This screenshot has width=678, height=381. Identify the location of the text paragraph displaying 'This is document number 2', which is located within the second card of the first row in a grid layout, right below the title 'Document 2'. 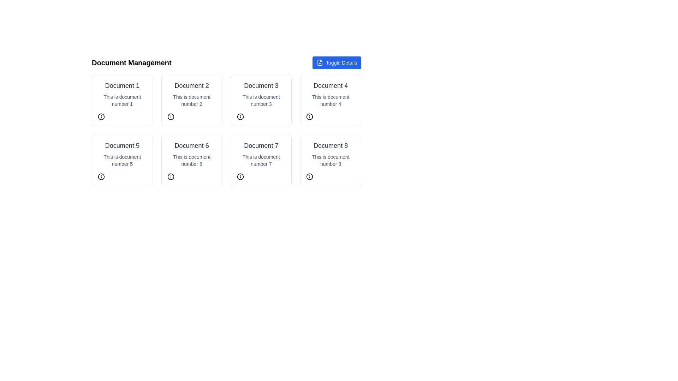
(192, 101).